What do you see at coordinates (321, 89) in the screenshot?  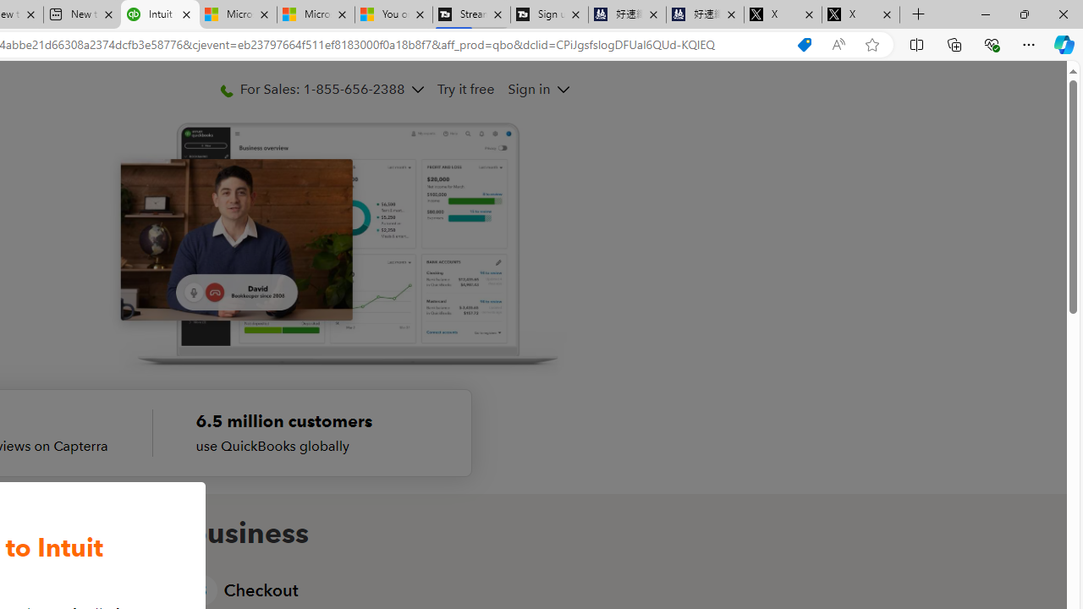 I see `'For Sales: 1-855-656-2388'` at bounding box center [321, 89].